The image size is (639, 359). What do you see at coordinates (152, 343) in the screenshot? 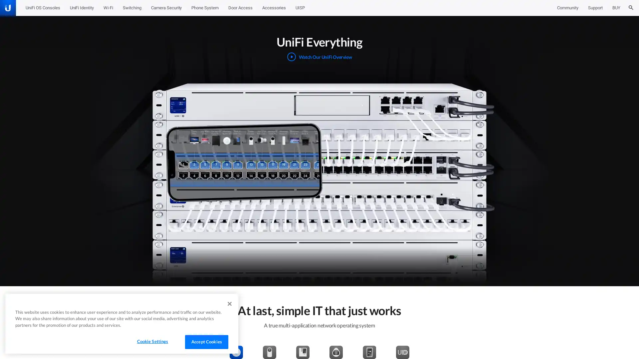
I see `Cookie Settings` at bounding box center [152, 343].